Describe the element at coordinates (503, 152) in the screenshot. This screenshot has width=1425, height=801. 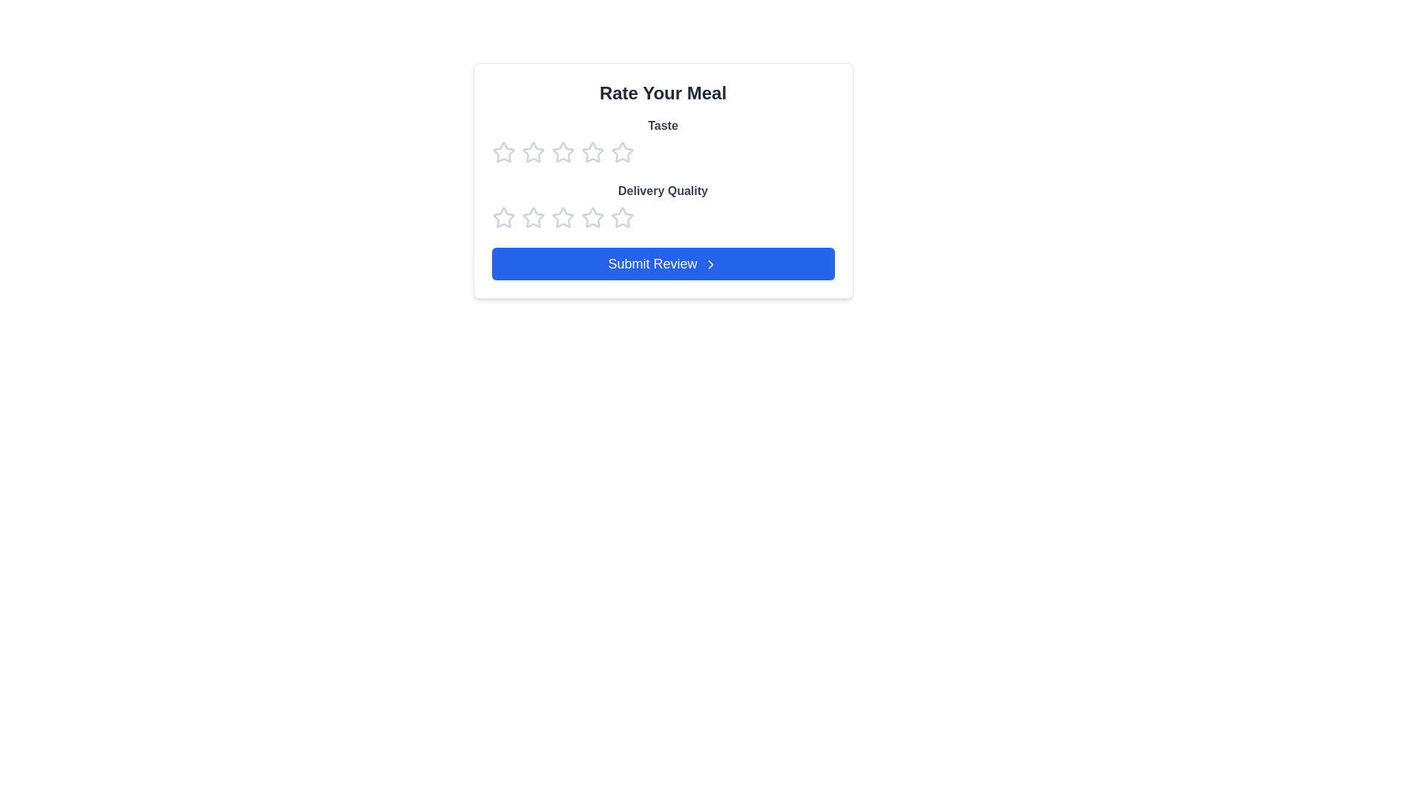
I see `the first star rating icon, which is a light gray 5-pointed star with a transparent center and gray outline, located above the label 'Taste' in the modal window labeled 'Rate Your Meal'` at that location.